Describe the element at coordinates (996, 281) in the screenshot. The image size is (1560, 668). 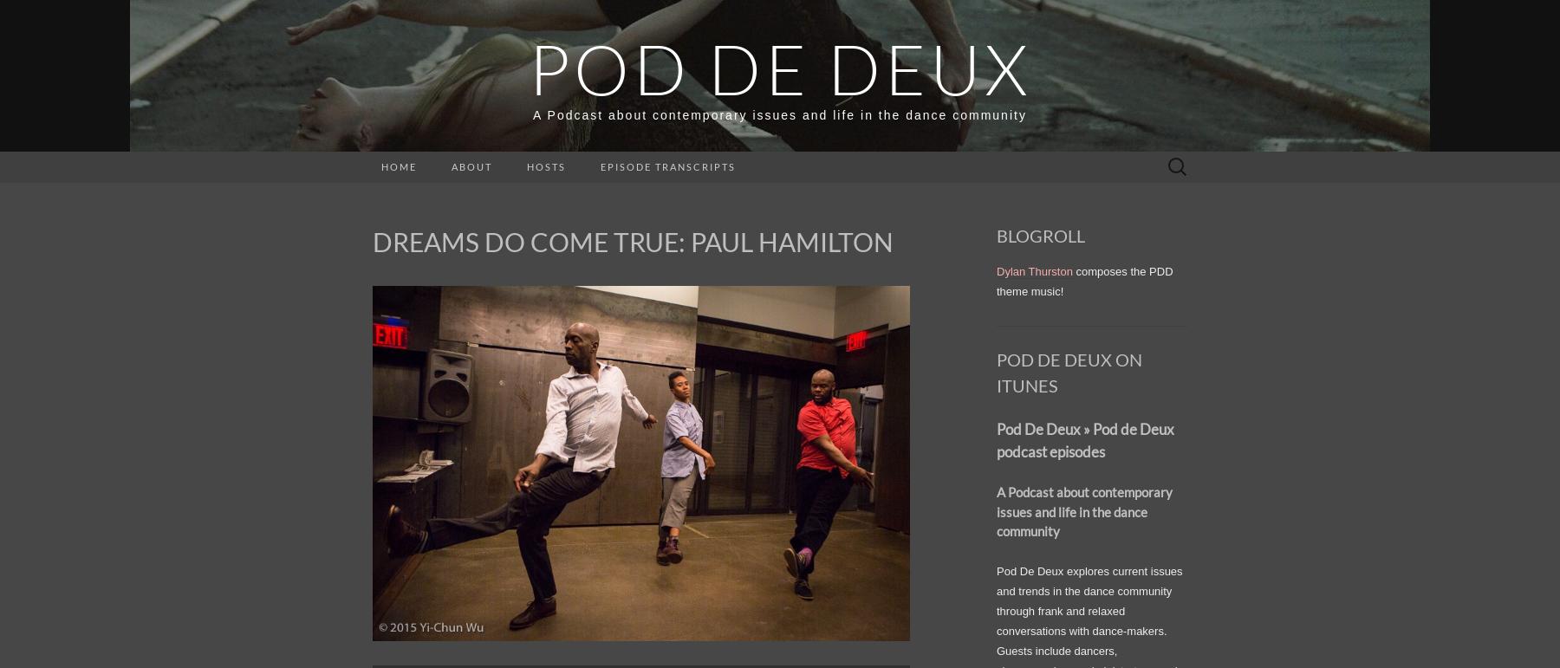
I see `'composes the PDD theme music!'` at that location.